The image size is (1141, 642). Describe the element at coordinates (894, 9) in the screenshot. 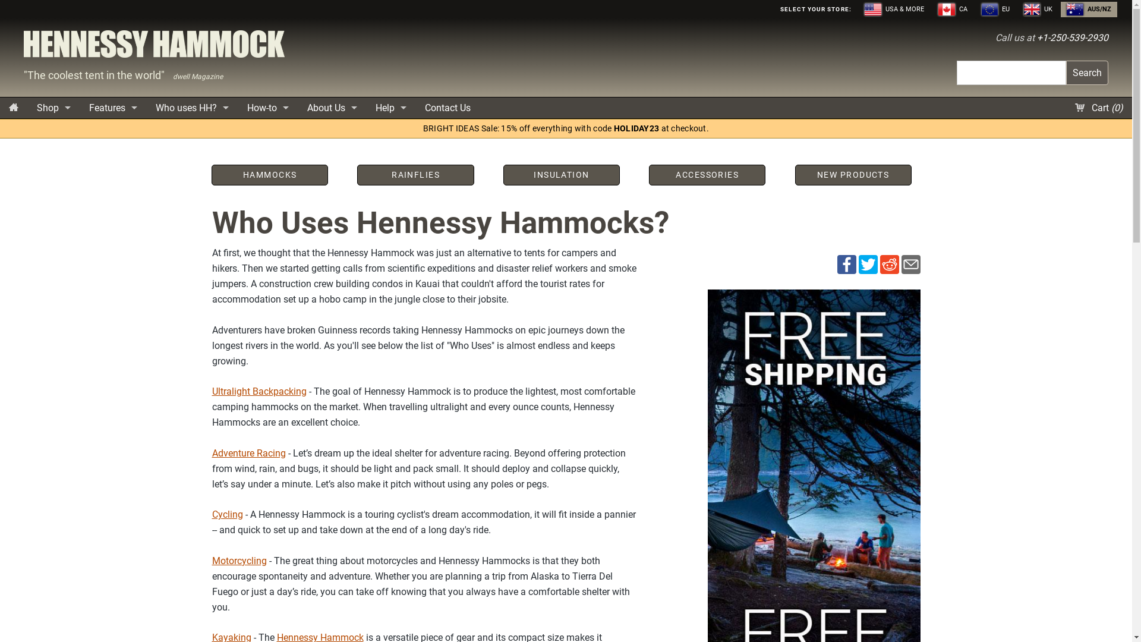

I see `'USA & MORE'` at that location.